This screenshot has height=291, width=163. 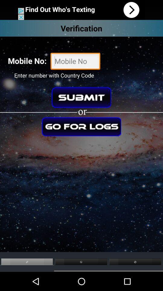 I want to click on number, so click(x=75, y=62).